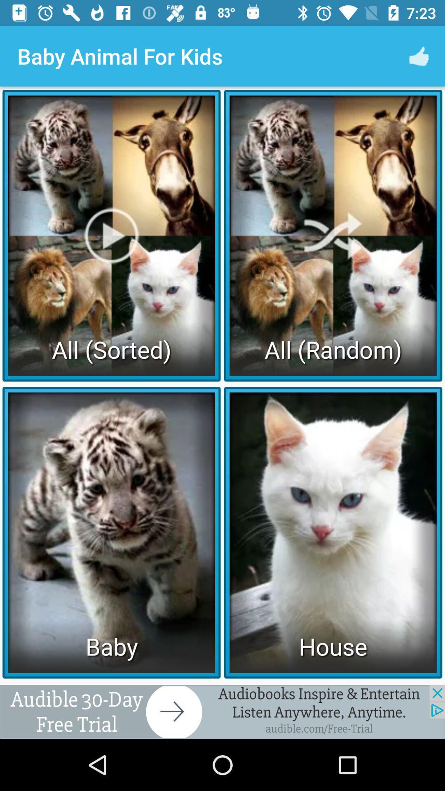  What do you see at coordinates (222, 711) in the screenshot?
I see `favorited` at bounding box center [222, 711].